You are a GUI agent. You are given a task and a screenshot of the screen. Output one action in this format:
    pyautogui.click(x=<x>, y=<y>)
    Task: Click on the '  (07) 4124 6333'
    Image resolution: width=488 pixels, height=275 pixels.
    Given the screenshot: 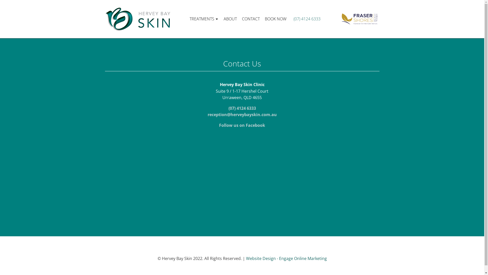 What is the action you would take?
    pyautogui.click(x=292, y=19)
    